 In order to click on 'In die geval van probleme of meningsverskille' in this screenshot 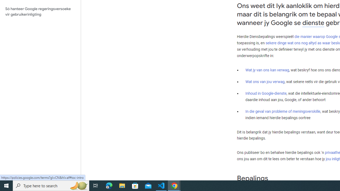, I will do `click(282, 111)`.